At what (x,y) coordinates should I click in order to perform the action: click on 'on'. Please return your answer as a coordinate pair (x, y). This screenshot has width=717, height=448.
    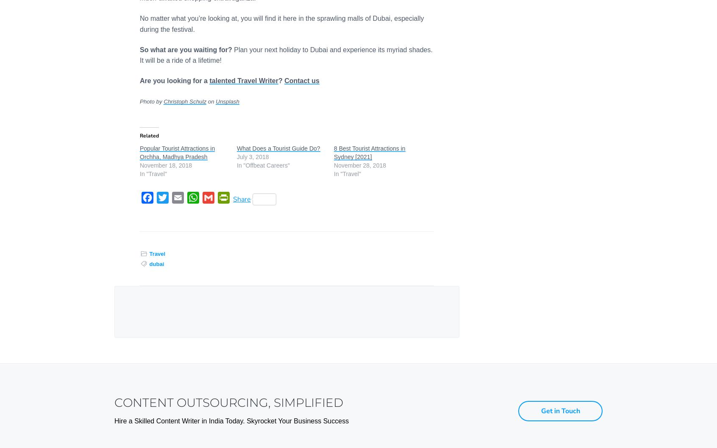
    Looking at the image, I should click on (211, 101).